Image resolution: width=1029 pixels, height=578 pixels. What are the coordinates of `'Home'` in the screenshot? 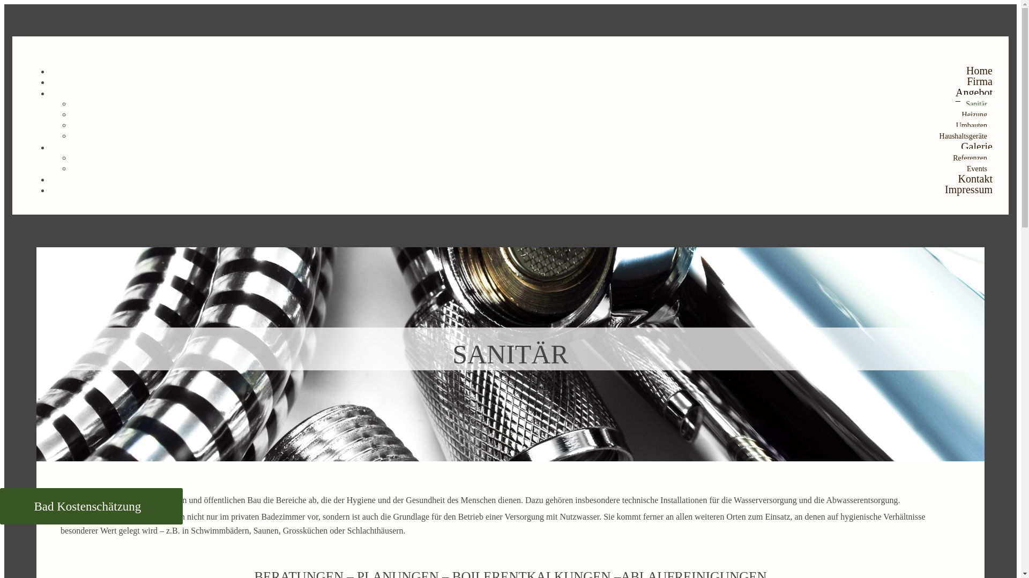 It's located at (966, 71).